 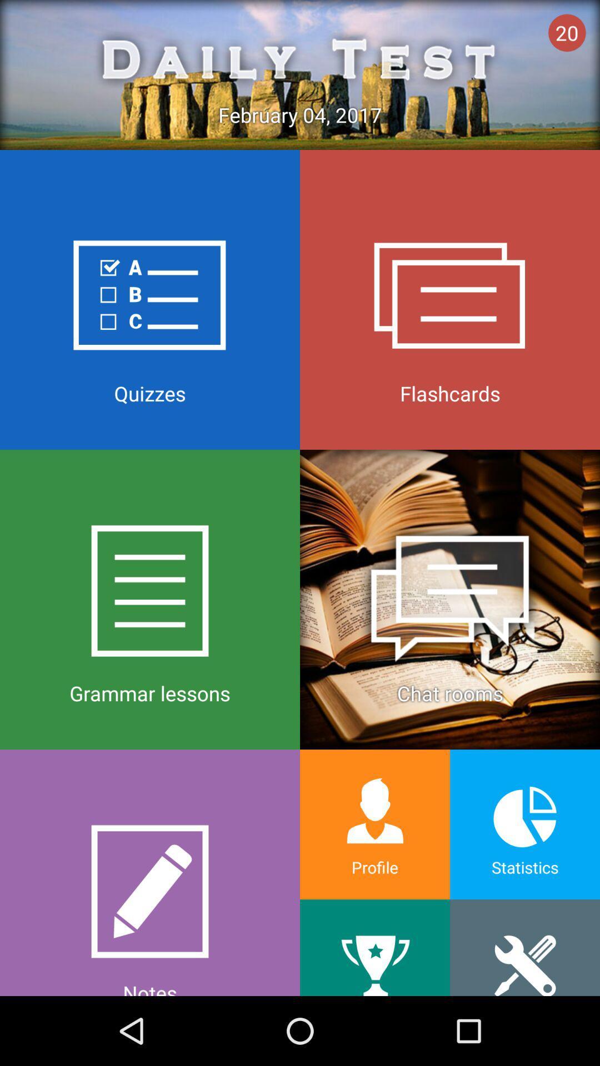 What do you see at coordinates (450, 599) in the screenshot?
I see `icon above profile` at bounding box center [450, 599].